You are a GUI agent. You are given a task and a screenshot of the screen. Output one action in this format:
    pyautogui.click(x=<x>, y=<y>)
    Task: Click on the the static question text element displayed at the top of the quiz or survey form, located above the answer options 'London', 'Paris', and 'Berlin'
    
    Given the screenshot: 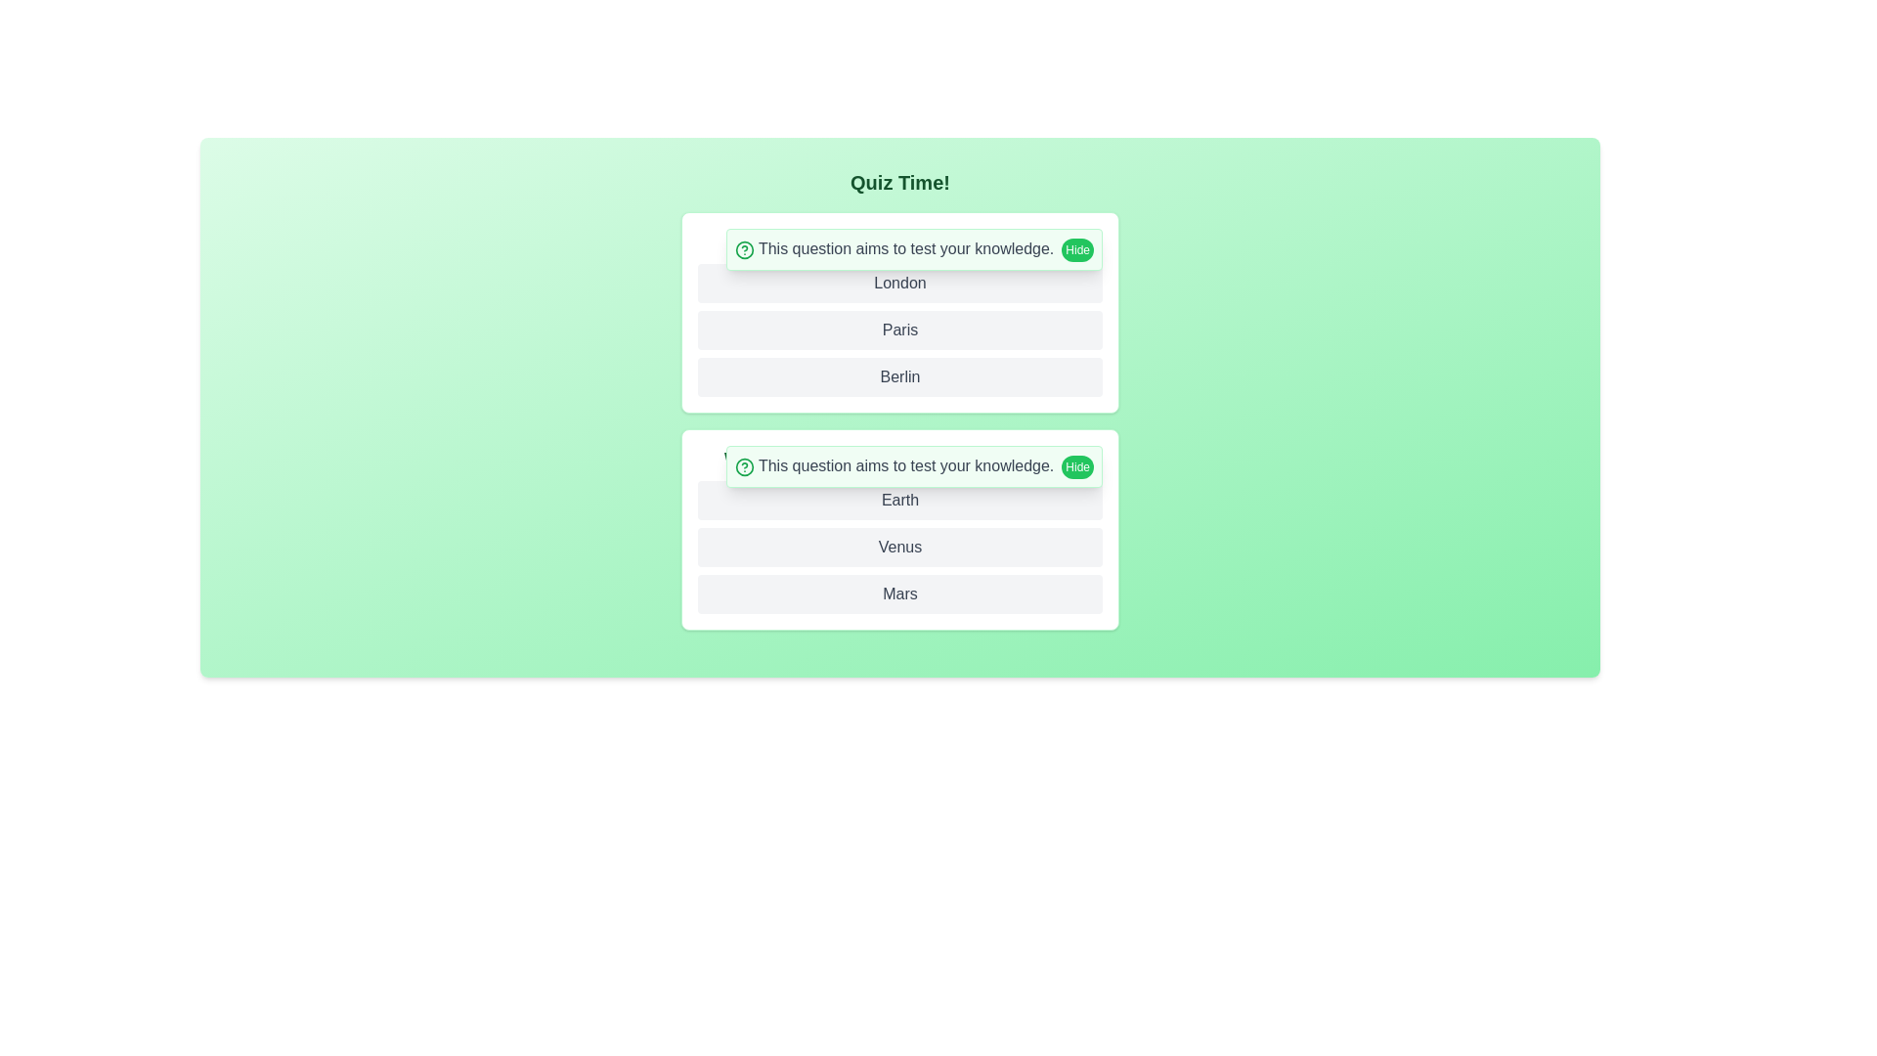 What is the action you would take?
    pyautogui.click(x=899, y=241)
    